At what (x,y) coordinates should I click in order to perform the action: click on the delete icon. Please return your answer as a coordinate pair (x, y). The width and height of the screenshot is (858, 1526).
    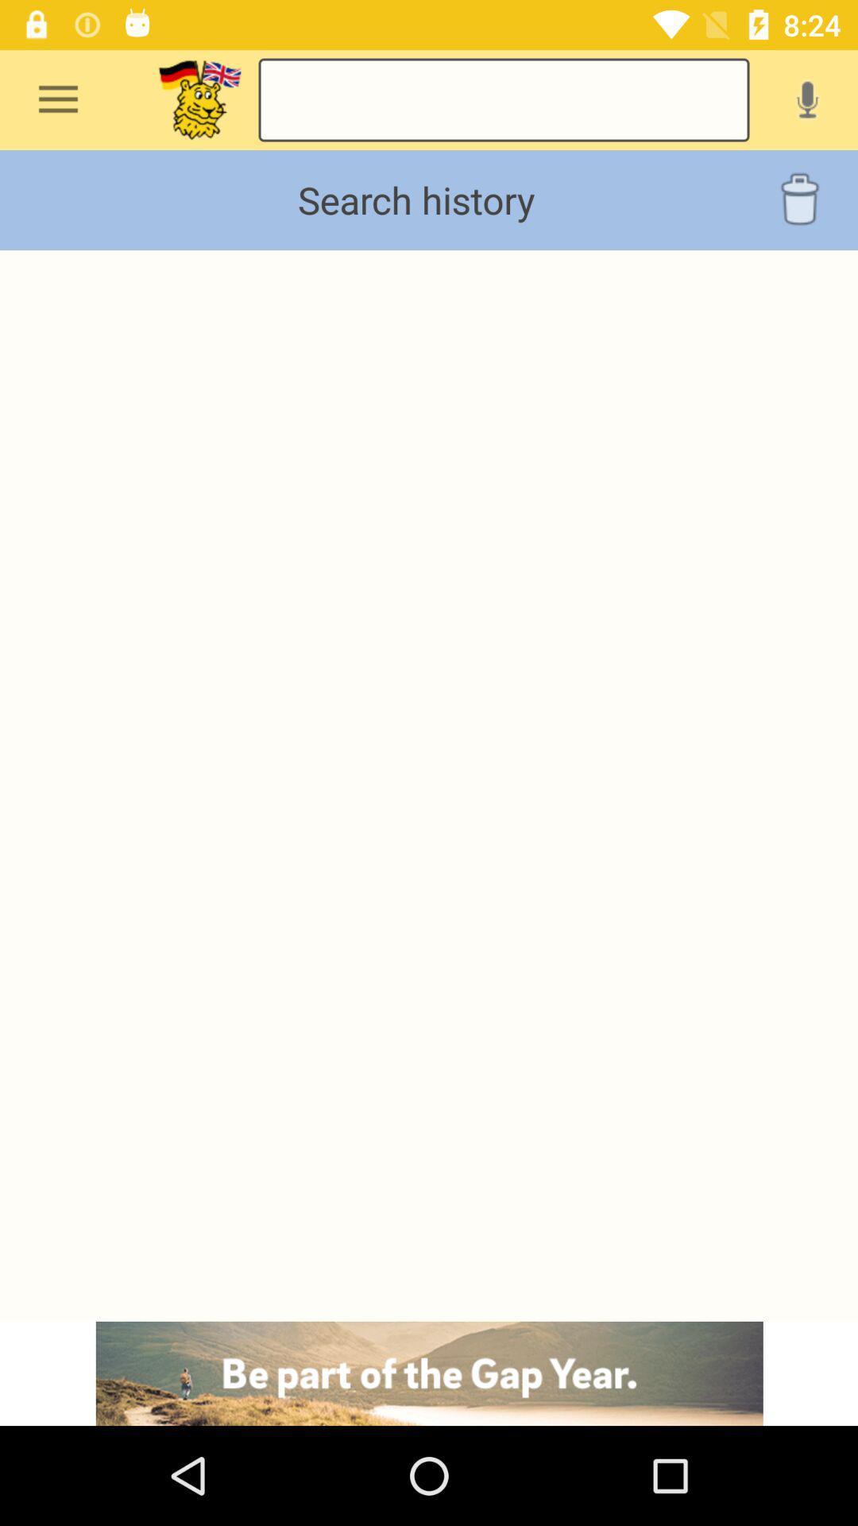
    Looking at the image, I should click on (799, 199).